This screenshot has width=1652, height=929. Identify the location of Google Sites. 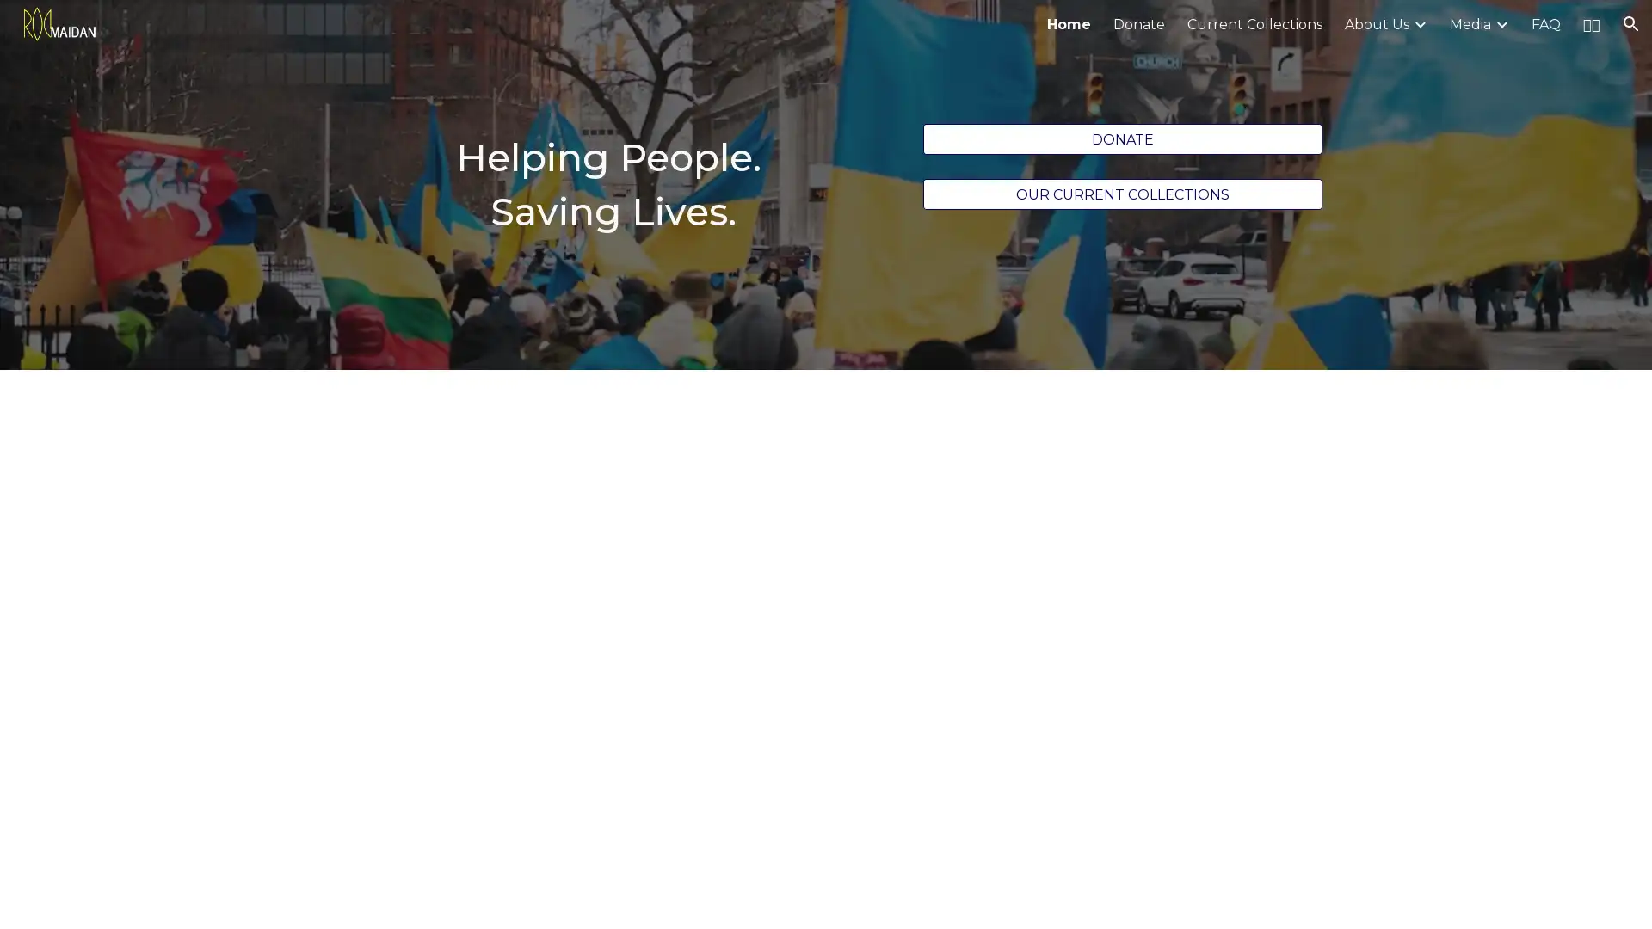
(133, 898).